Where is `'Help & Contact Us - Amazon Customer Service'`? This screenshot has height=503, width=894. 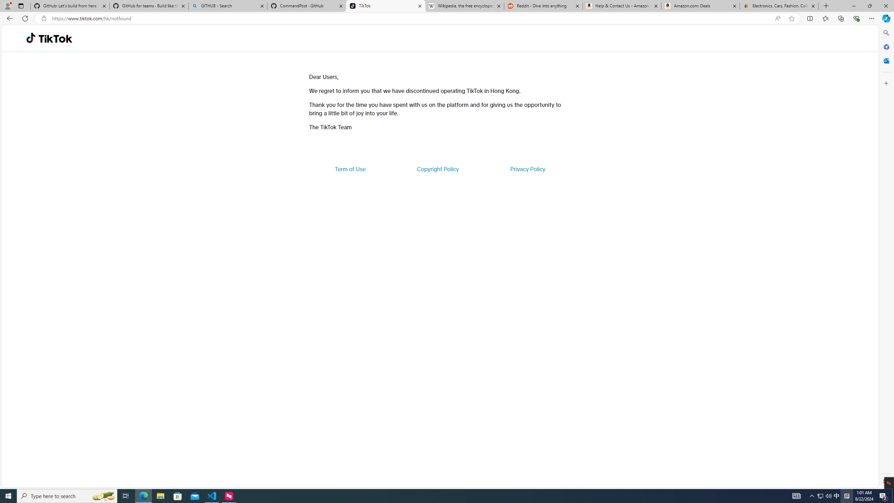
'Help & Contact Us - Amazon Customer Service' is located at coordinates (622, 6).